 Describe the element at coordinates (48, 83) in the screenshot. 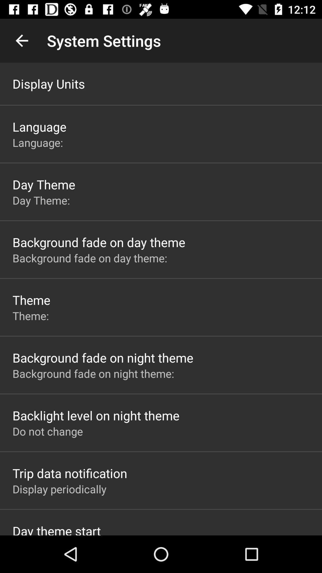

I see `display units app` at that location.